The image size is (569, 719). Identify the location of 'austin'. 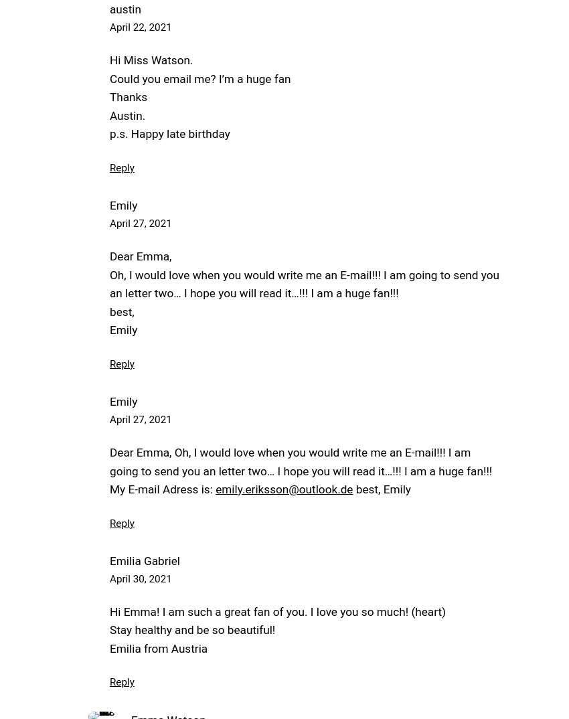
(125, 8).